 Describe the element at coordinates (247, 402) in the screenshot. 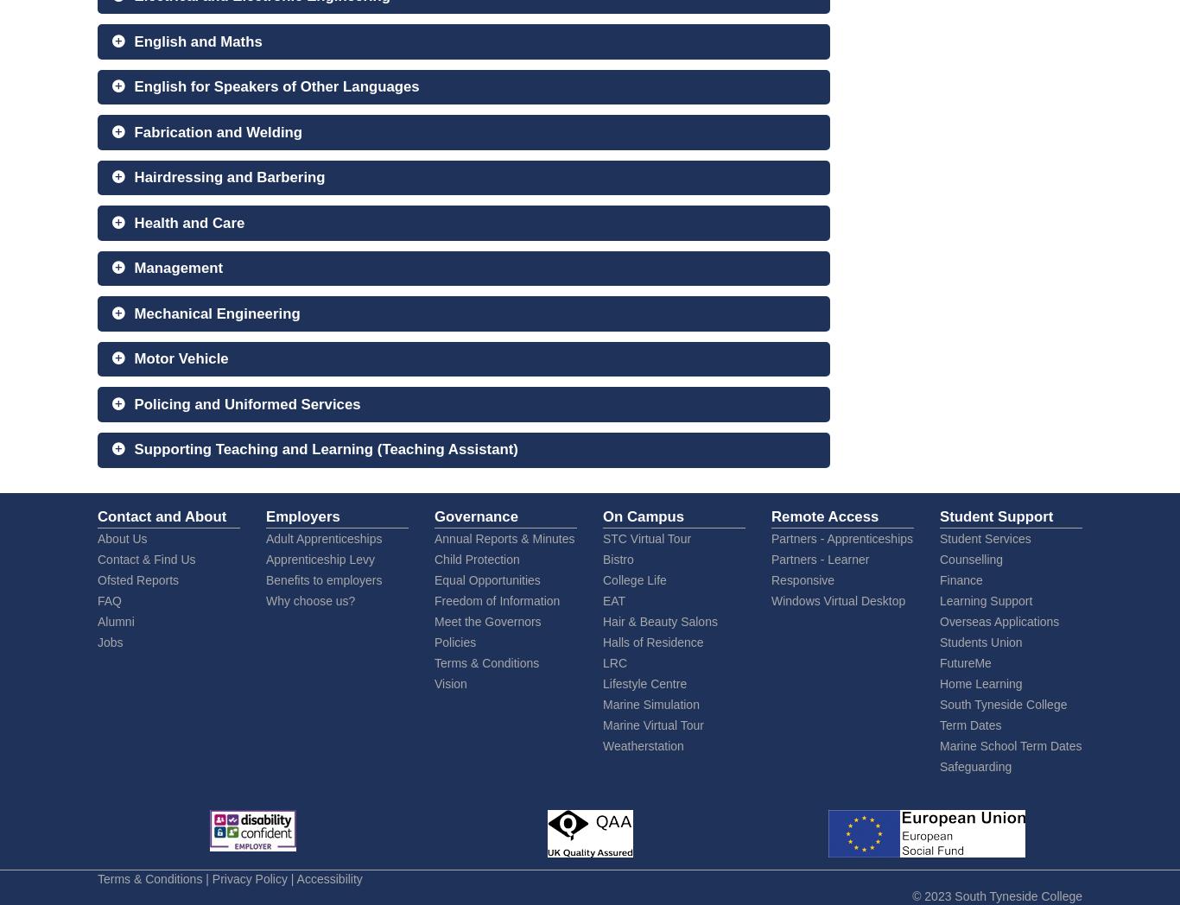

I see `'Policing and Uniformed Services'` at that location.